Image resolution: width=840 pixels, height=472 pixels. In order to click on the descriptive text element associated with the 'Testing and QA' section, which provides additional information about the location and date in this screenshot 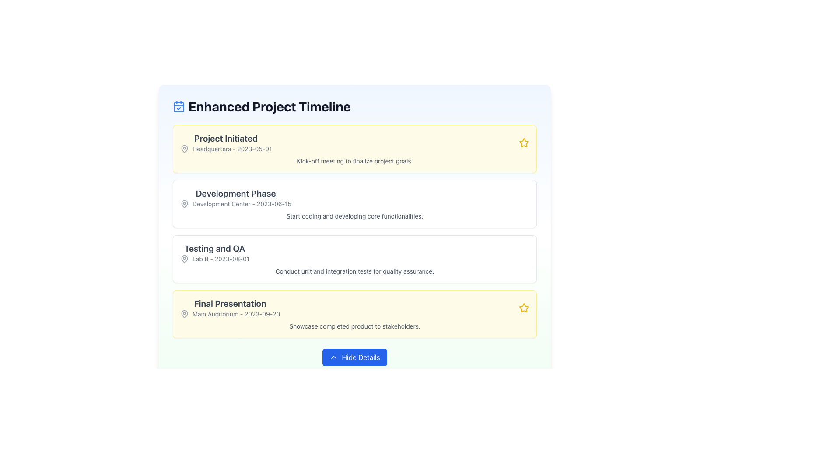, I will do `click(214, 259)`.